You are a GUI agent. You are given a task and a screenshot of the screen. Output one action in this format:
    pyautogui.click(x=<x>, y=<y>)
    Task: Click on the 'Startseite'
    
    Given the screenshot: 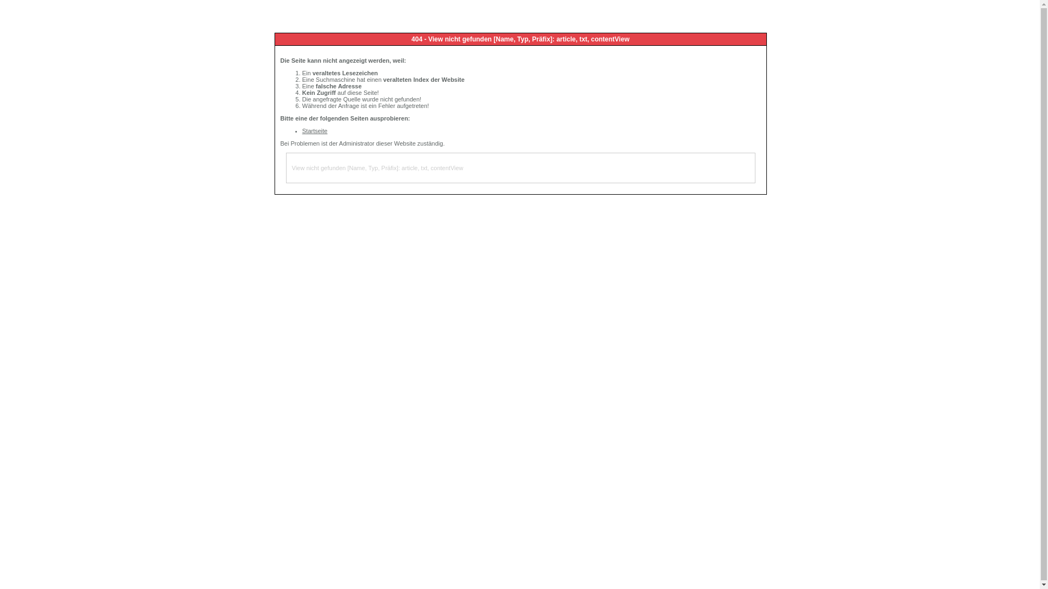 What is the action you would take?
    pyautogui.click(x=314, y=130)
    